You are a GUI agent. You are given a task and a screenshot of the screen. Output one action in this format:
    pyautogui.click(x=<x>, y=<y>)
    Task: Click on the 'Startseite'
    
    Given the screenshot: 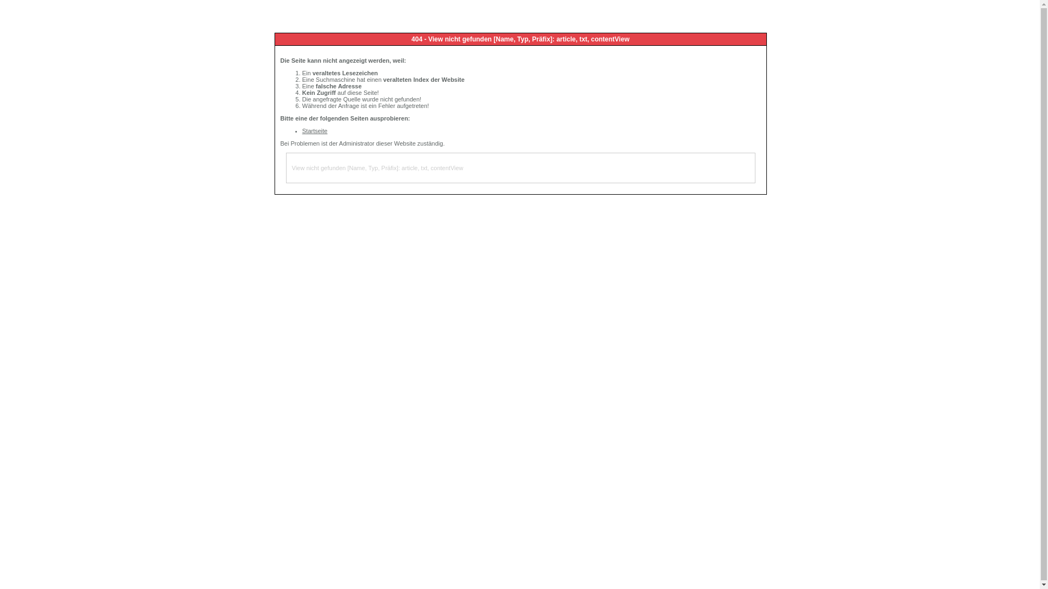 What is the action you would take?
    pyautogui.click(x=314, y=130)
    